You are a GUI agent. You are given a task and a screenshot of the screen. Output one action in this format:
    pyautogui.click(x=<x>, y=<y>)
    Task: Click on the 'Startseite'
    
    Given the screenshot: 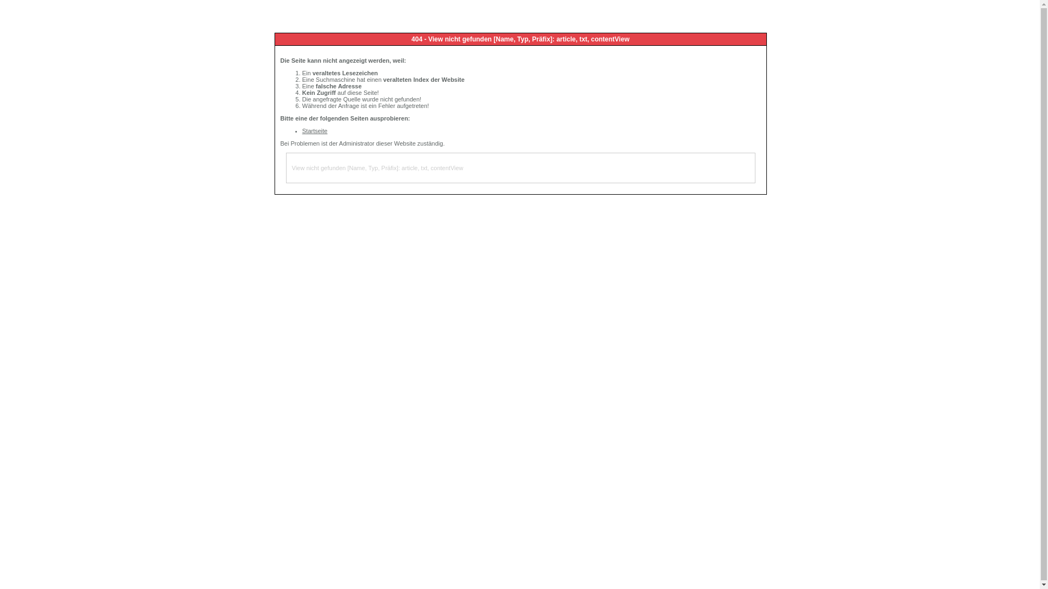 What is the action you would take?
    pyautogui.click(x=314, y=130)
    